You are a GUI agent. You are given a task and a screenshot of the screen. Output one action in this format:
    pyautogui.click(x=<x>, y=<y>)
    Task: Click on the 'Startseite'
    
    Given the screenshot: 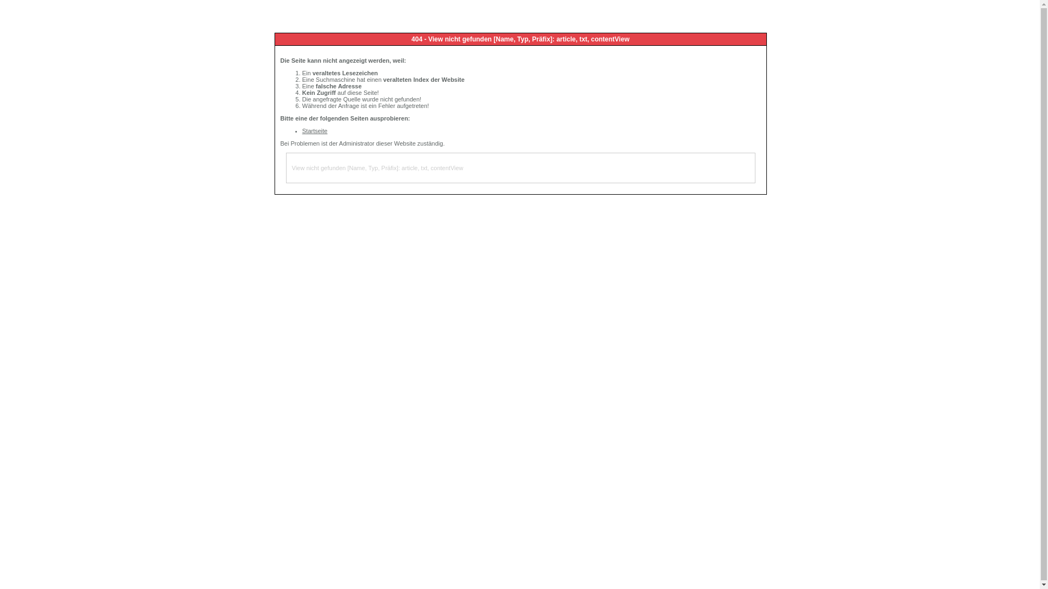 What is the action you would take?
    pyautogui.click(x=314, y=130)
    